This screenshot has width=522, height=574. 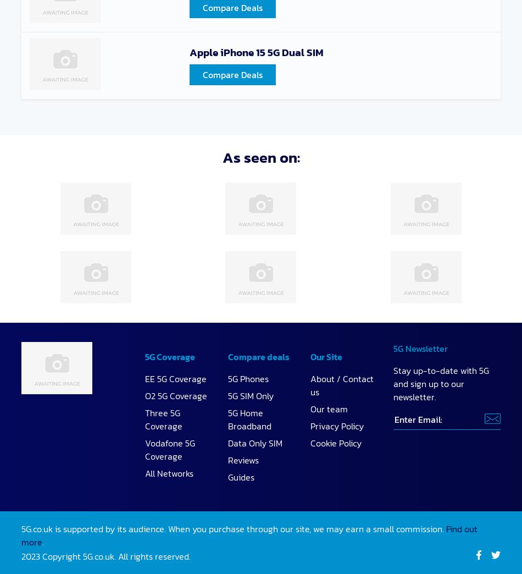 I want to click on 'Privacy Policy', so click(x=337, y=426).